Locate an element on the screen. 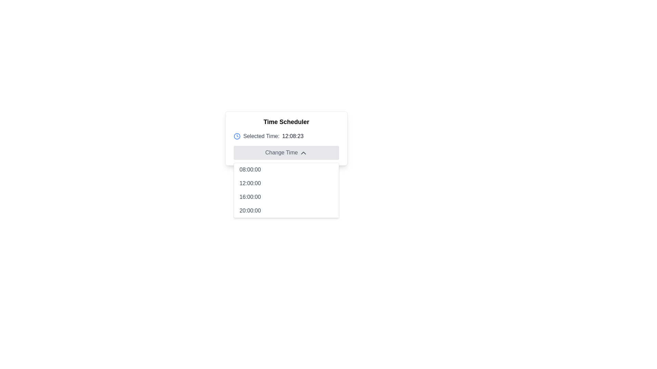 This screenshot has width=657, height=369. the Text Display showing the time '12:08:23' in bold, dark gray font, which is located next to 'Selected Time:' in the time selection interface is located at coordinates (293, 136).